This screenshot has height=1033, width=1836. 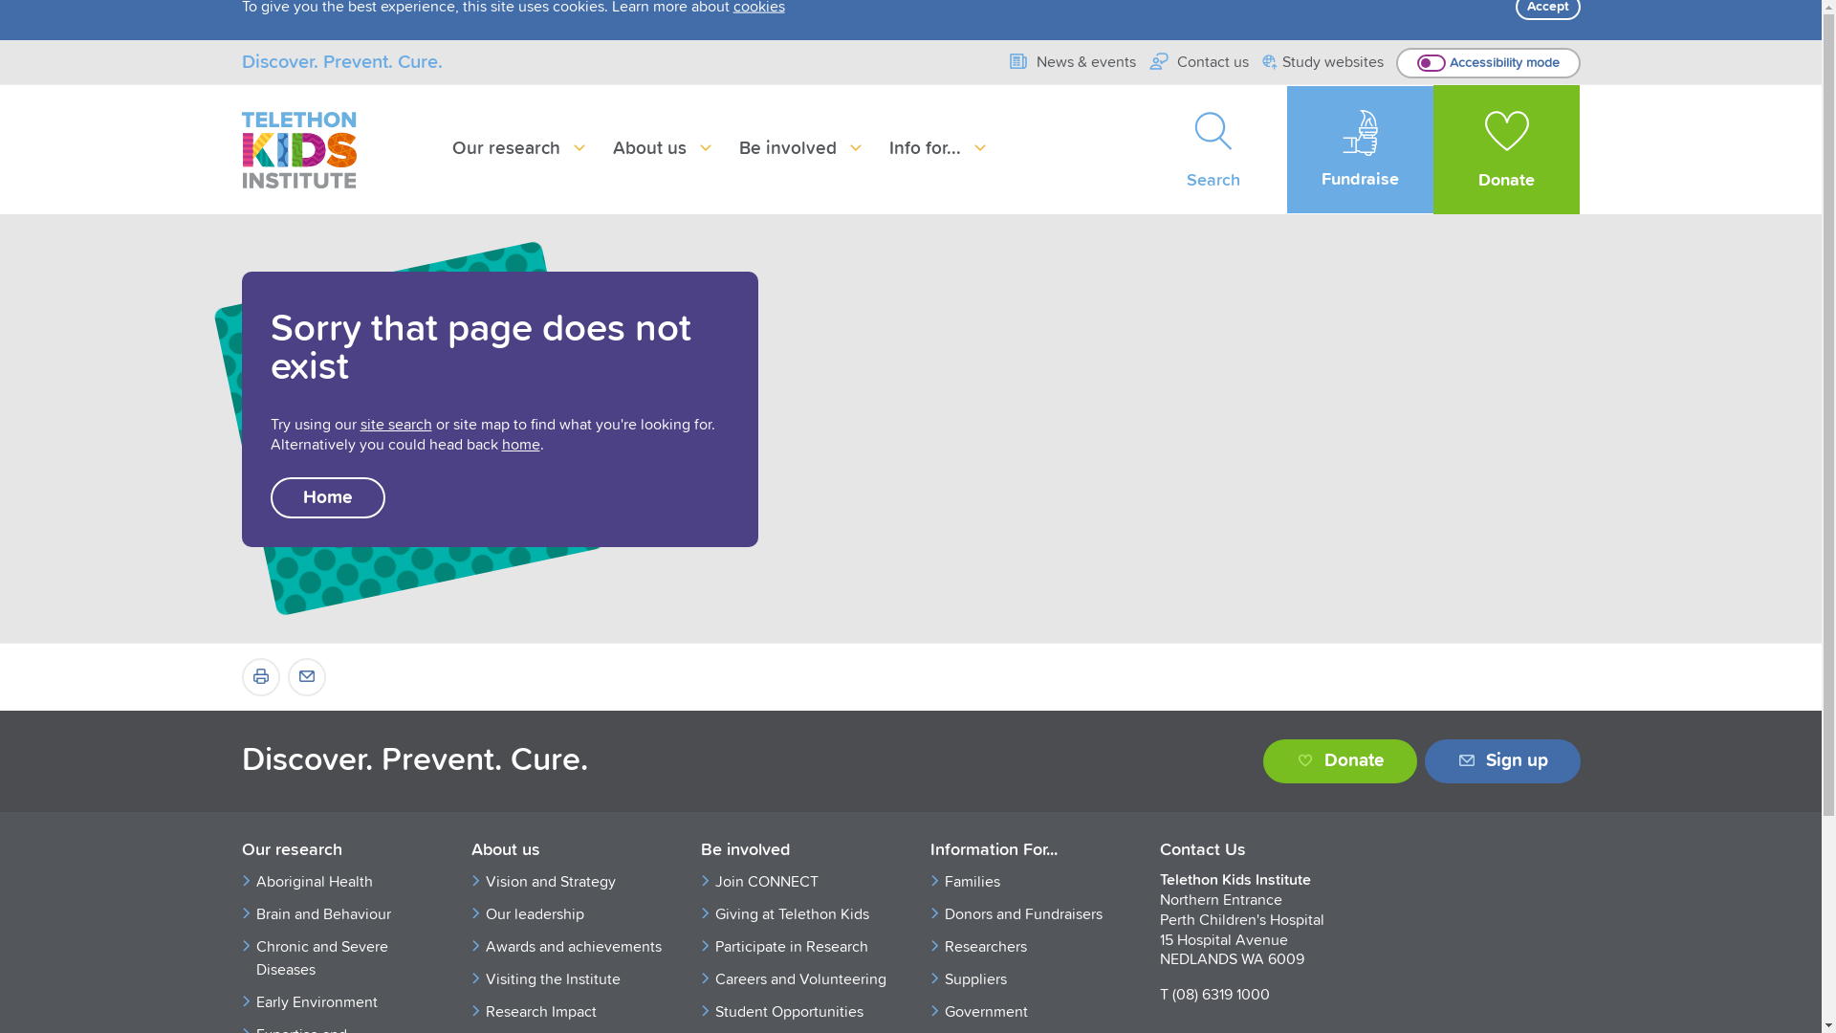 What do you see at coordinates (344, 881) in the screenshot?
I see `'Aboriginal Health'` at bounding box center [344, 881].